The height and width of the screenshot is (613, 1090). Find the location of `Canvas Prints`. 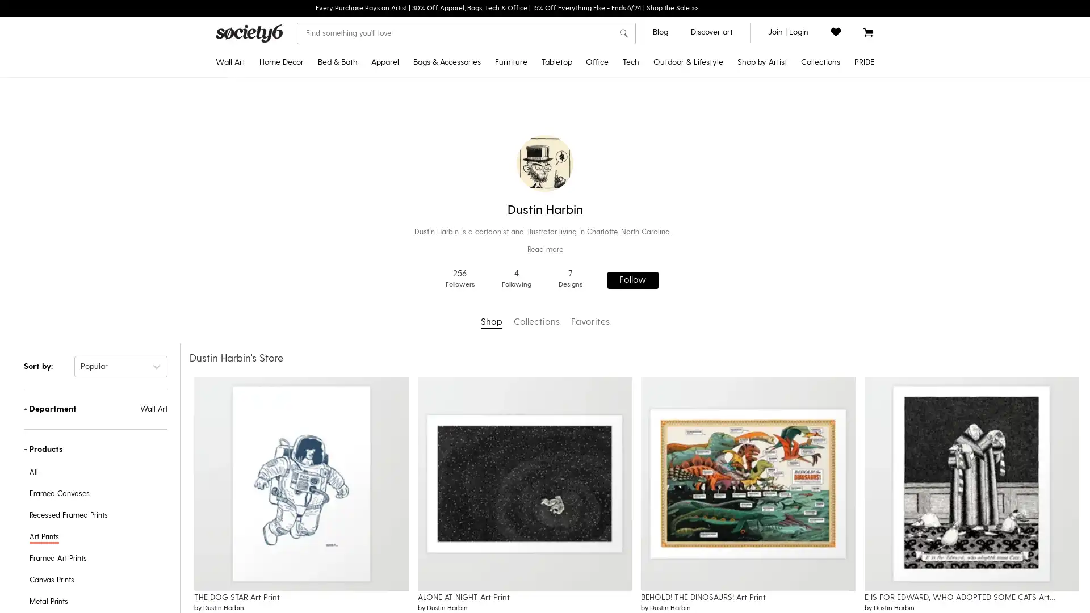

Canvas Prints is located at coordinates (267, 145).